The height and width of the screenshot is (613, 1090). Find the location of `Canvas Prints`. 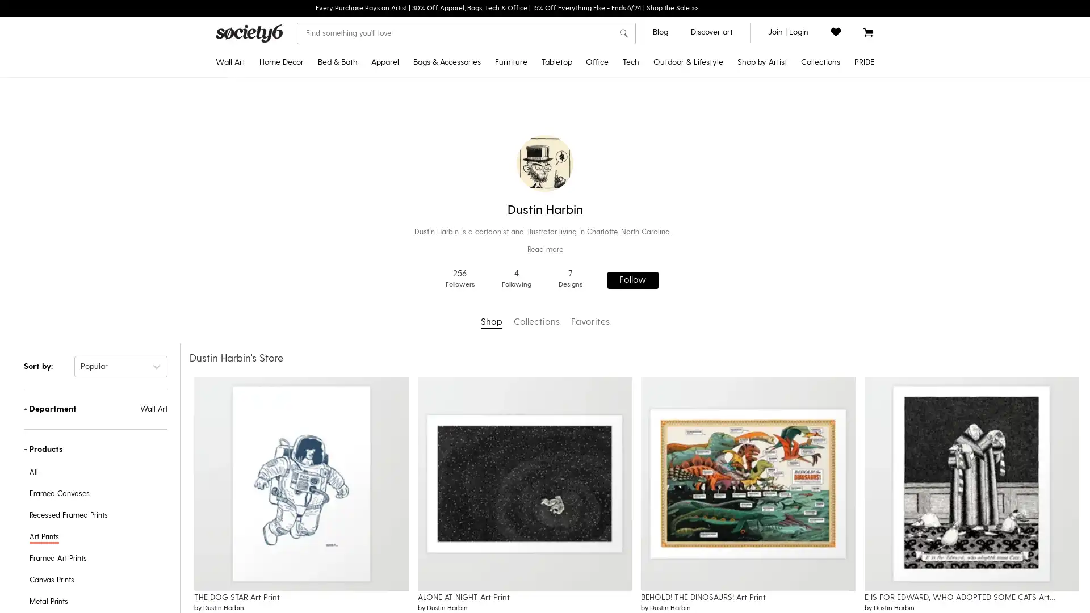

Canvas Prints is located at coordinates (267, 145).